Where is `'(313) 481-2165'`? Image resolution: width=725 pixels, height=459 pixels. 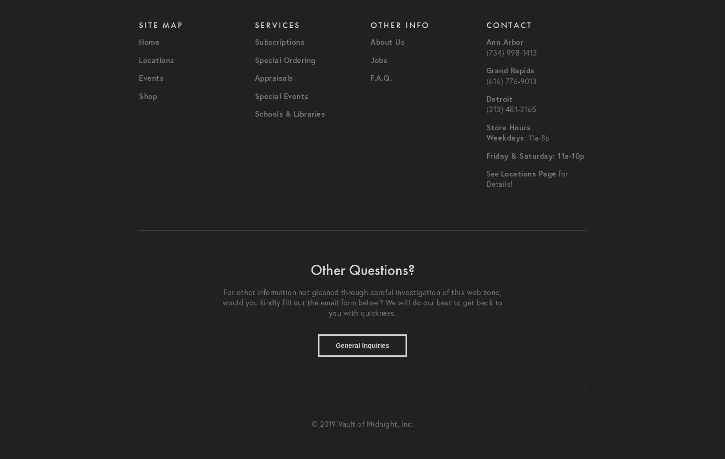
'(313) 481-2165' is located at coordinates (486, 109).